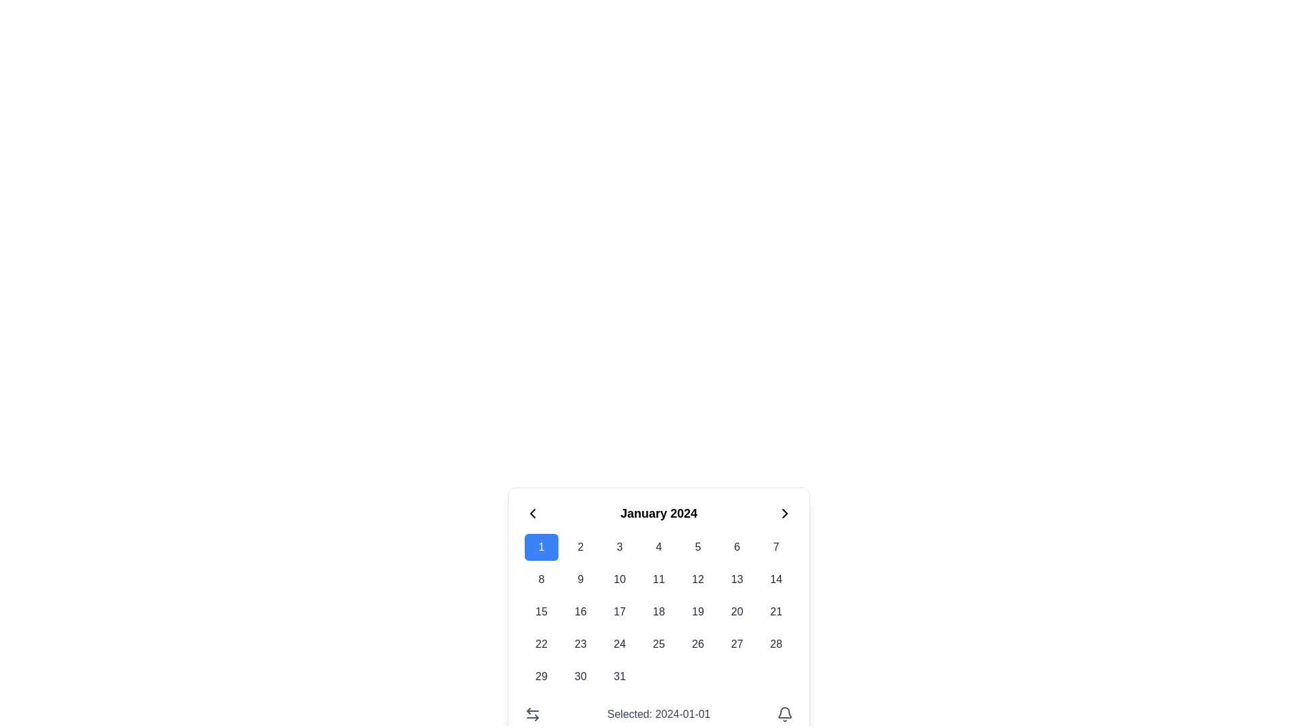 The width and height of the screenshot is (1295, 728). What do you see at coordinates (541, 644) in the screenshot?
I see `the calendar date cell representing the 22nd day of the month` at bounding box center [541, 644].